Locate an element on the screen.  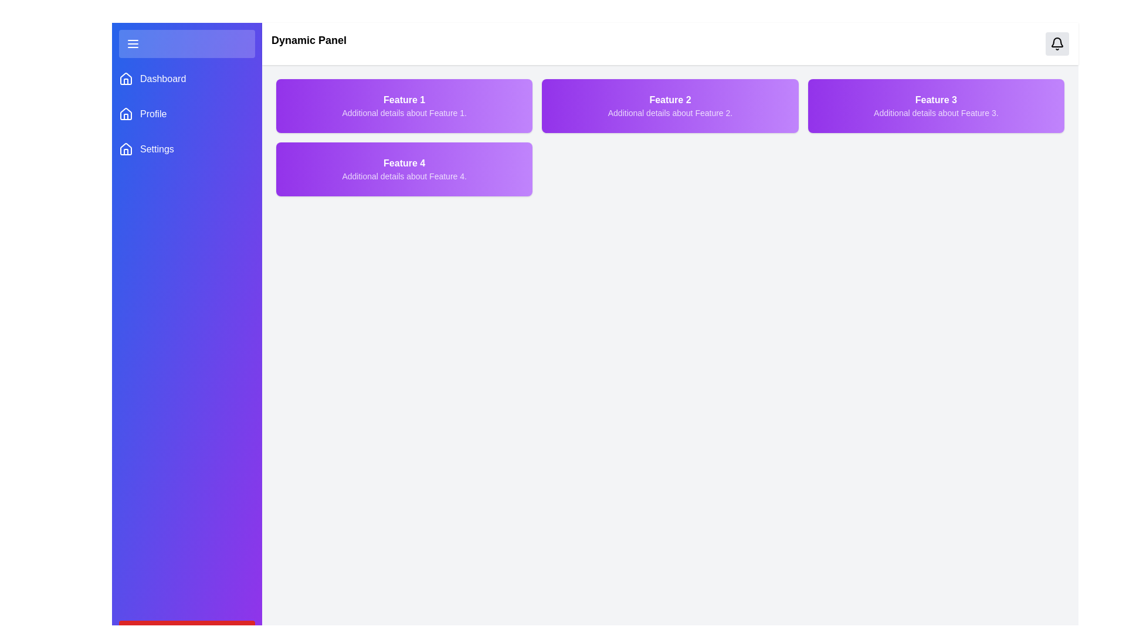
the notification icon button located is located at coordinates (1057, 43).